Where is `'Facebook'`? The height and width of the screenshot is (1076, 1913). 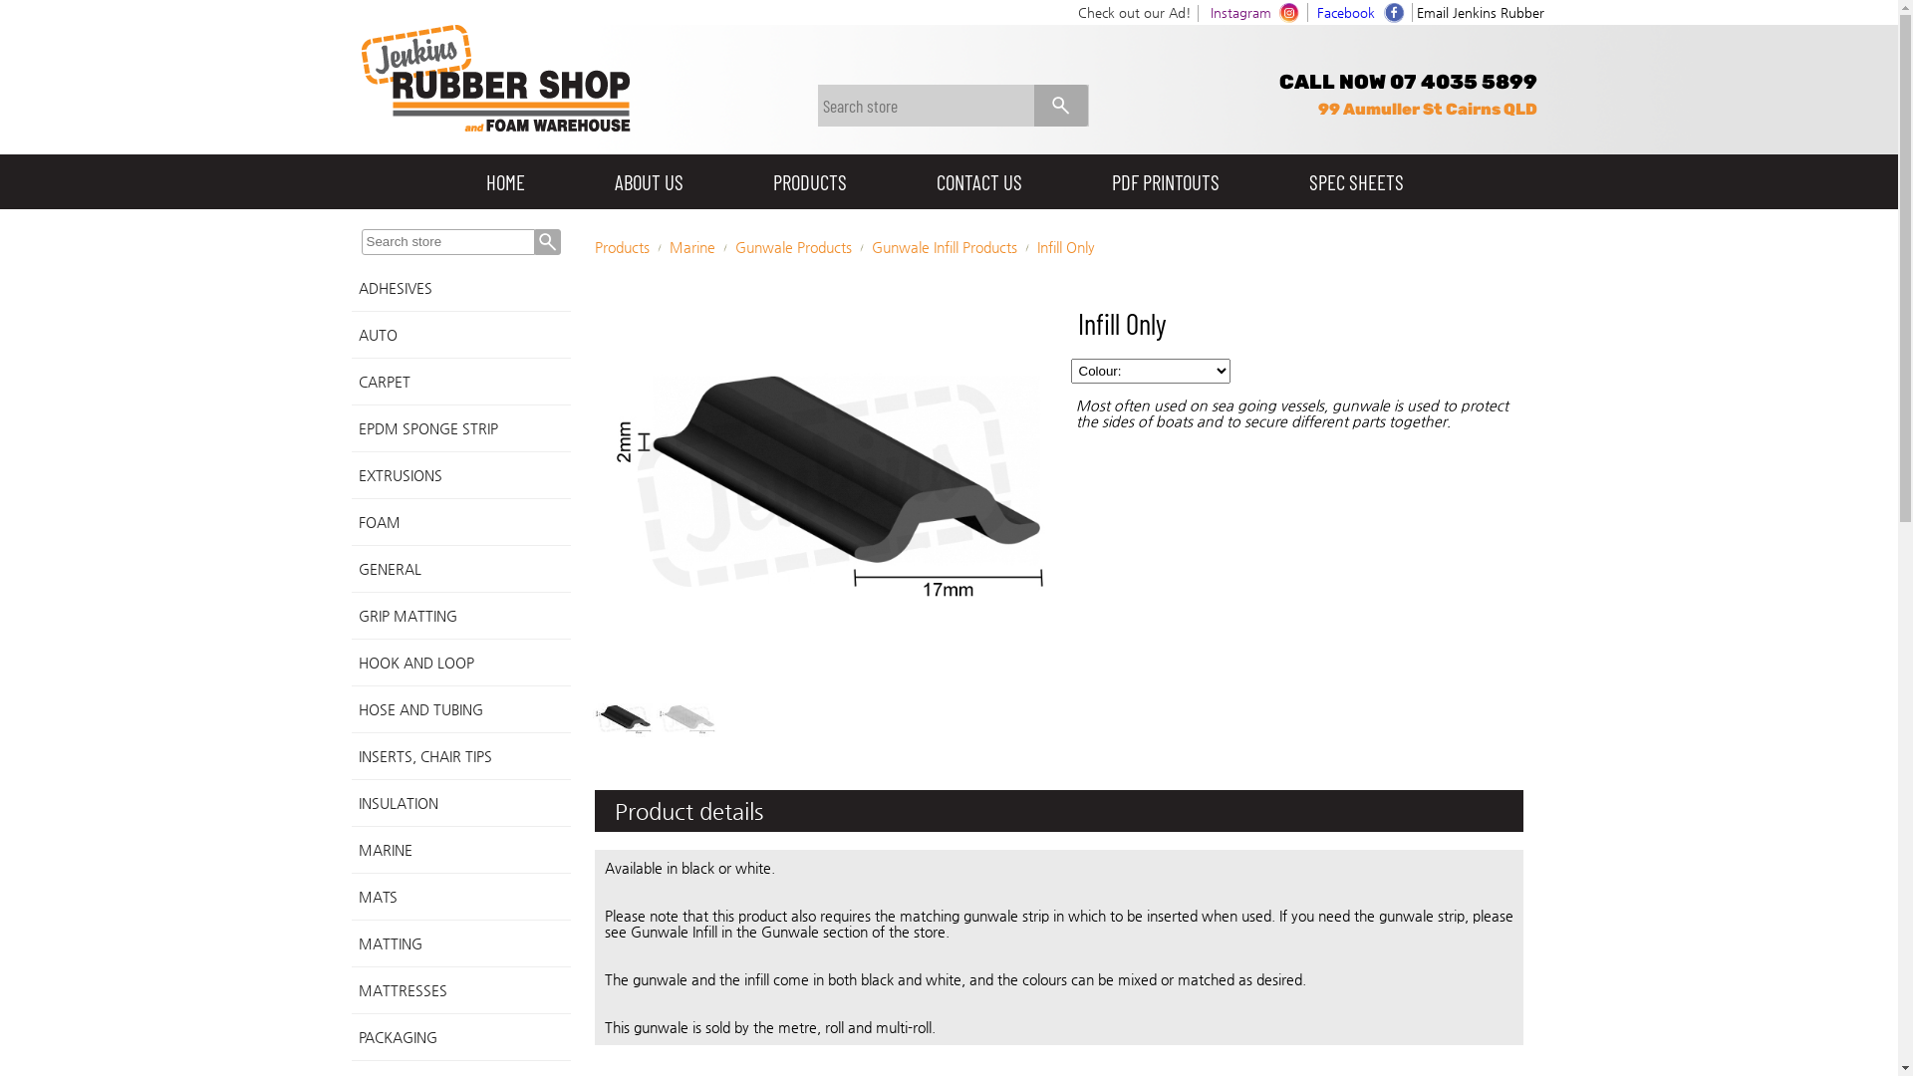
'Facebook' is located at coordinates (1345, 12).